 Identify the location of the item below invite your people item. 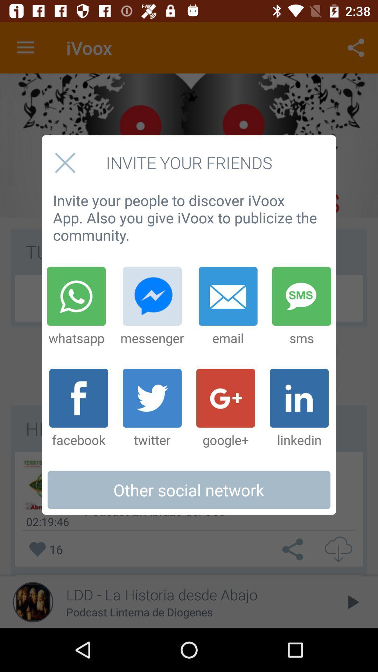
(76, 307).